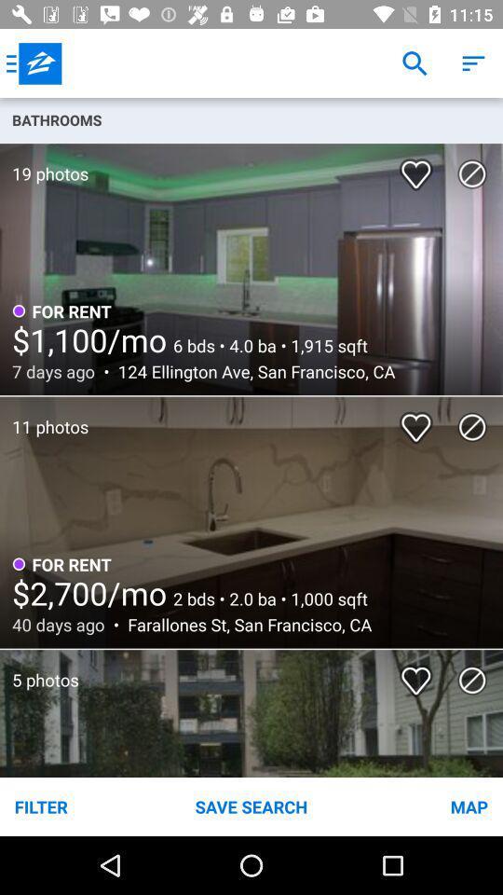 Image resolution: width=503 pixels, height=895 pixels. Describe the element at coordinates (44, 417) in the screenshot. I see `11 photos item` at that location.